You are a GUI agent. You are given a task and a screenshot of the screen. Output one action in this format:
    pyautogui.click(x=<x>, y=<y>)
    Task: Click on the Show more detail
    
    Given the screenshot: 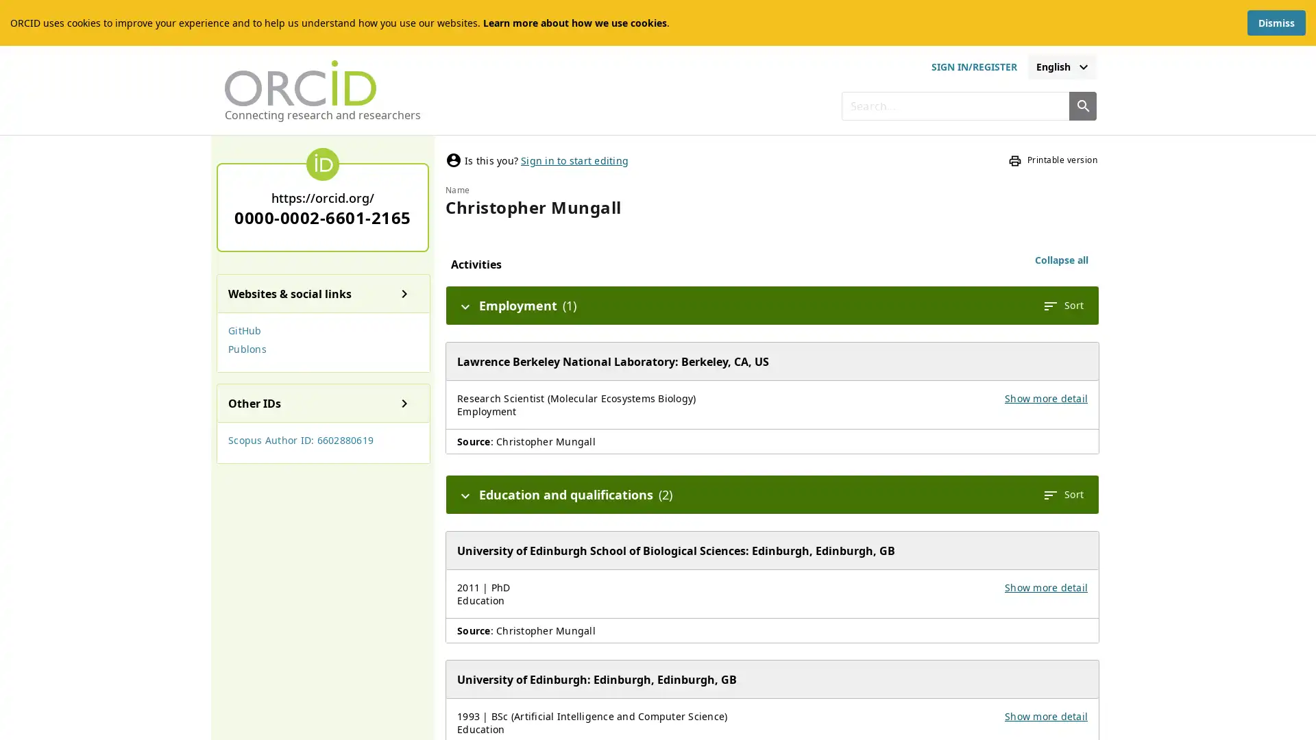 What is the action you would take?
    pyautogui.click(x=1045, y=715)
    